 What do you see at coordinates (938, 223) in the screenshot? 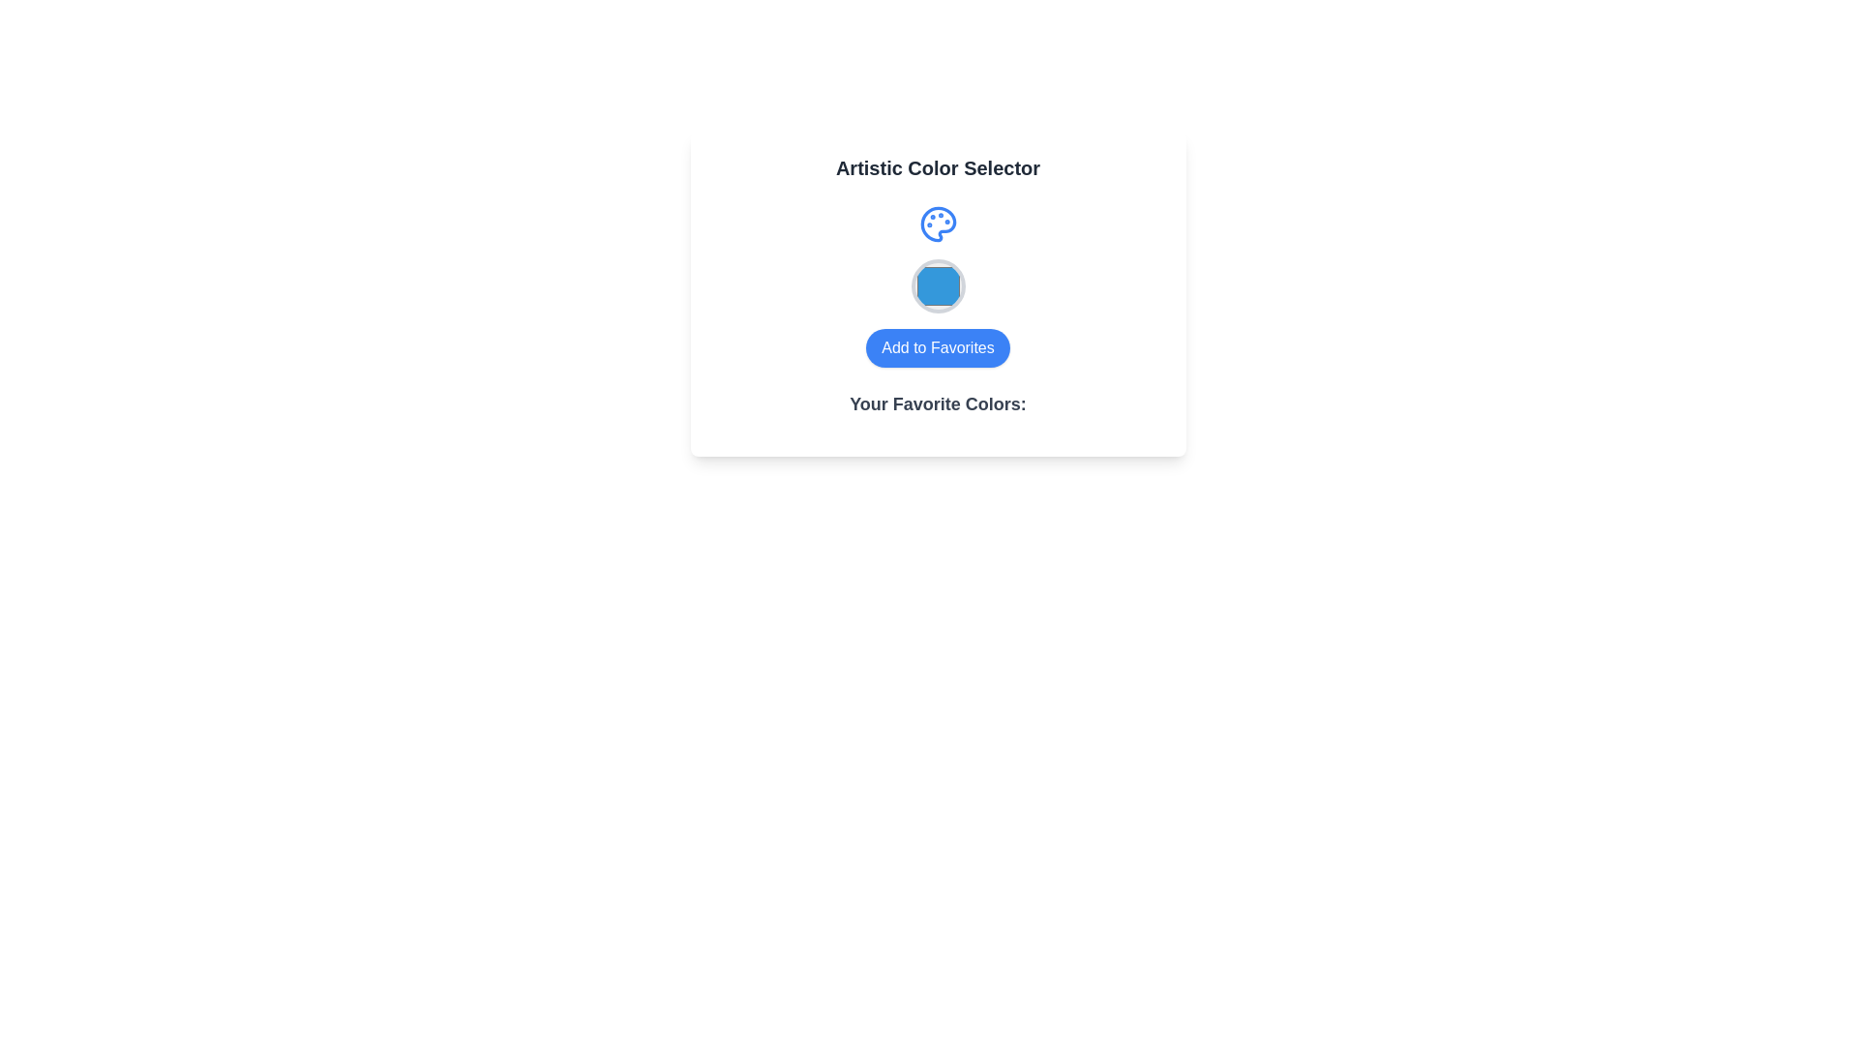
I see `the artistic palette icon, which is a circular blue icon with paint dabs on the top, located above the color selection tool and 'Add to Favorites' button` at bounding box center [938, 223].